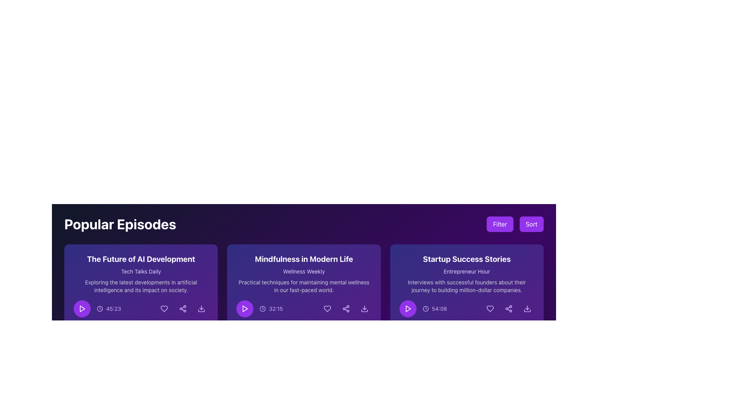 The height and width of the screenshot is (419, 744). What do you see at coordinates (490, 308) in the screenshot?
I see `the heart icon button located in the 'Startup Success Stories' card under the 'Popular Episodes' section` at bounding box center [490, 308].